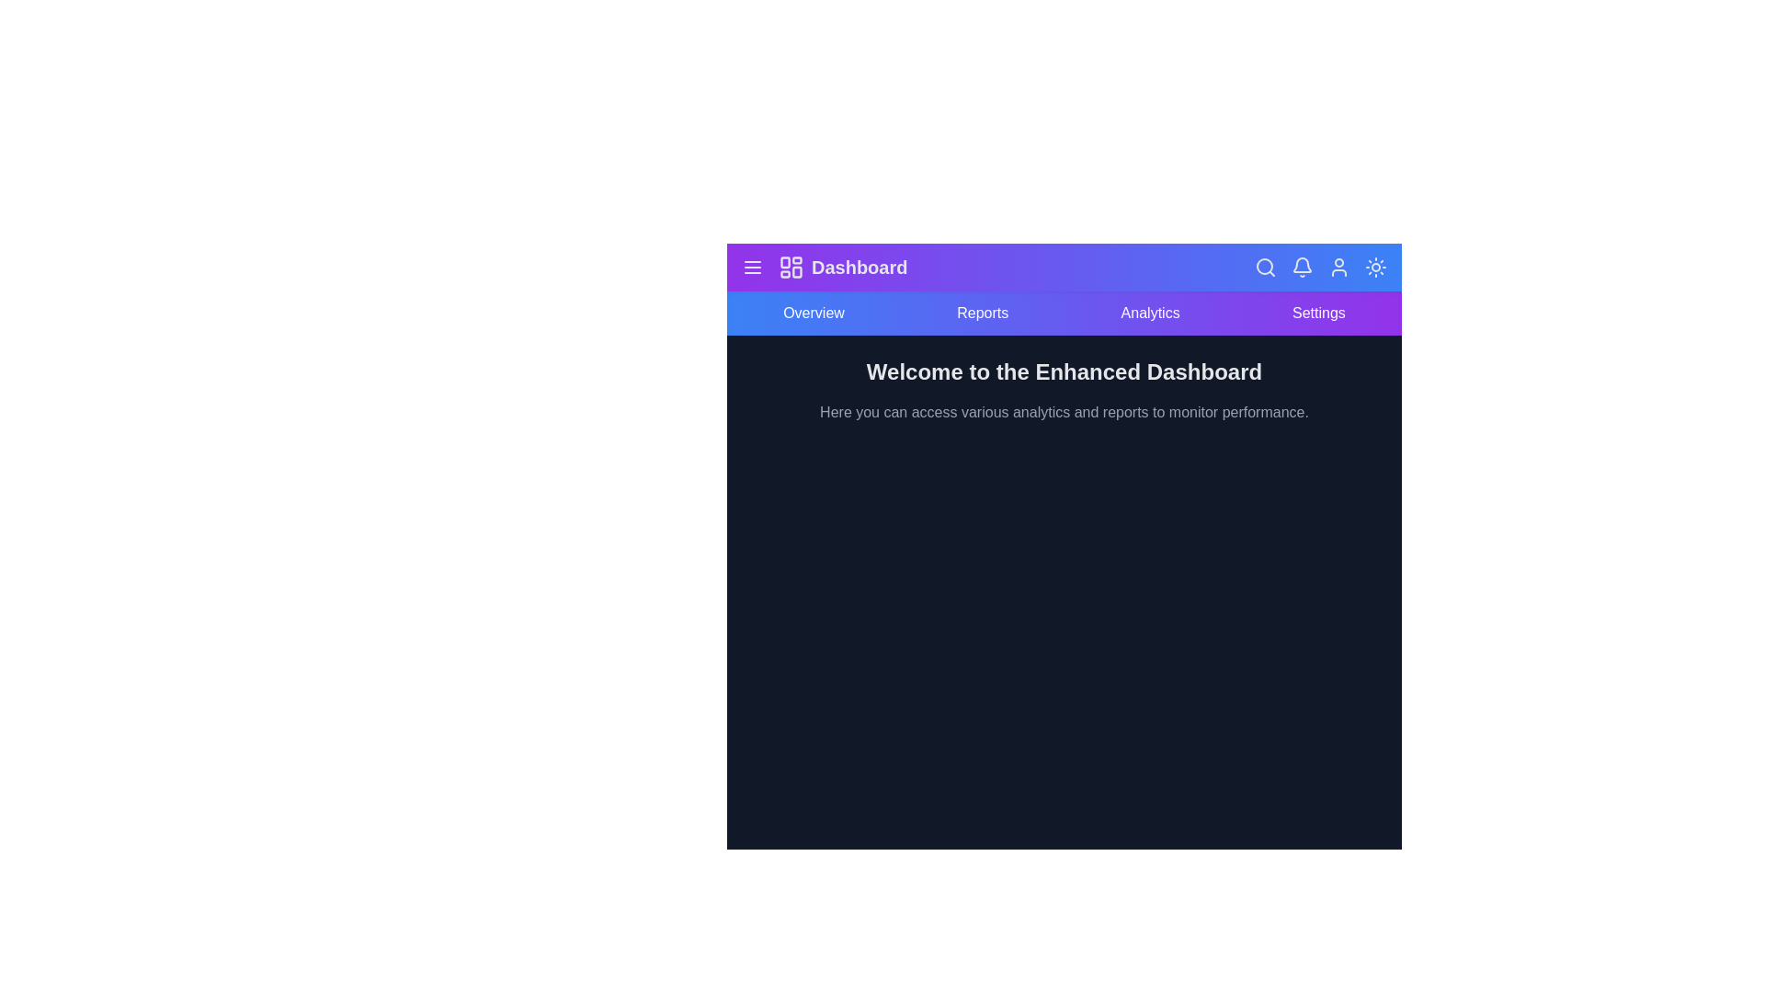 The width and height of the screenshot is (1765, 993). I want to click on the menu button to toggle the menu visibility, so click(753, 267).